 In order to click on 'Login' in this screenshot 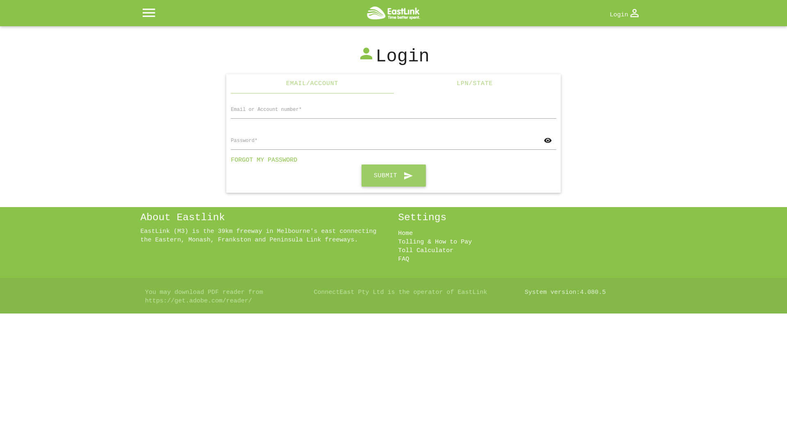, I will do `click(624, 14)`.